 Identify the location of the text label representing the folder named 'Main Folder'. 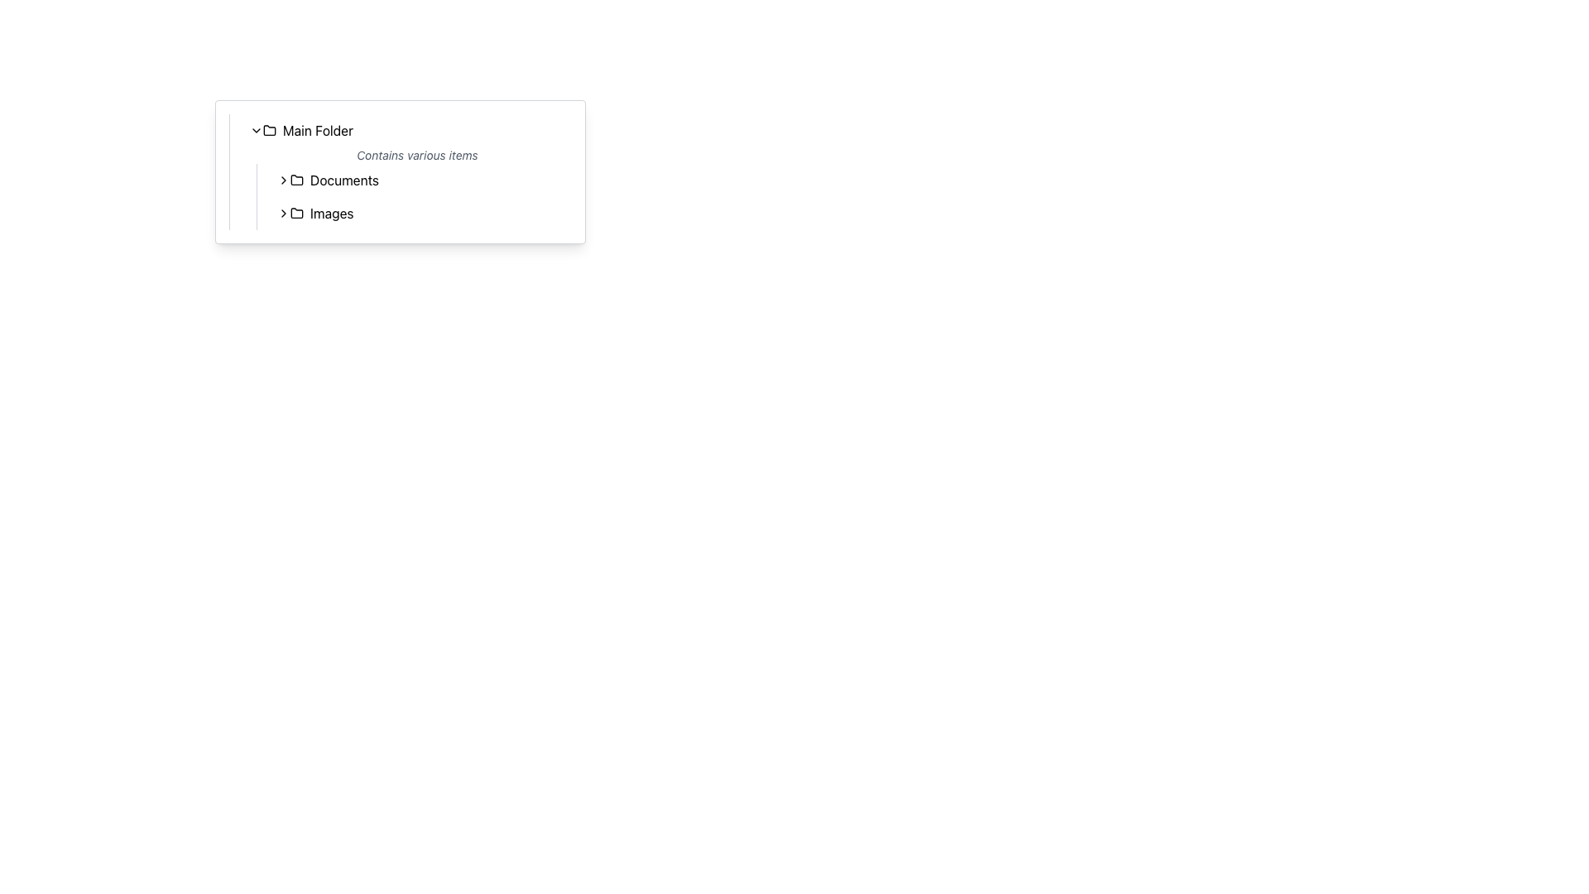
(318, 130).